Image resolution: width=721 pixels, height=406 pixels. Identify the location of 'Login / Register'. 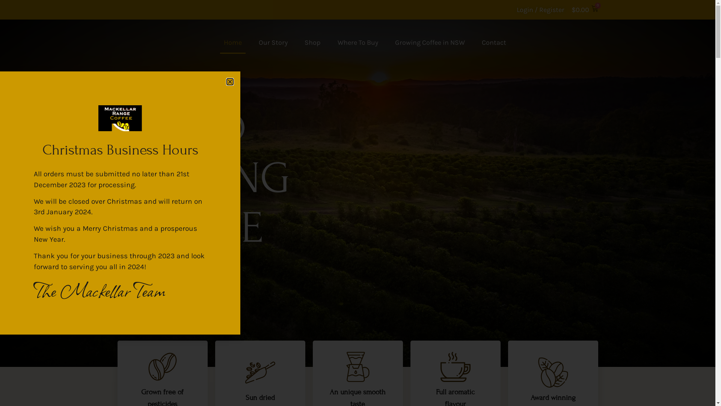
(540, 10).